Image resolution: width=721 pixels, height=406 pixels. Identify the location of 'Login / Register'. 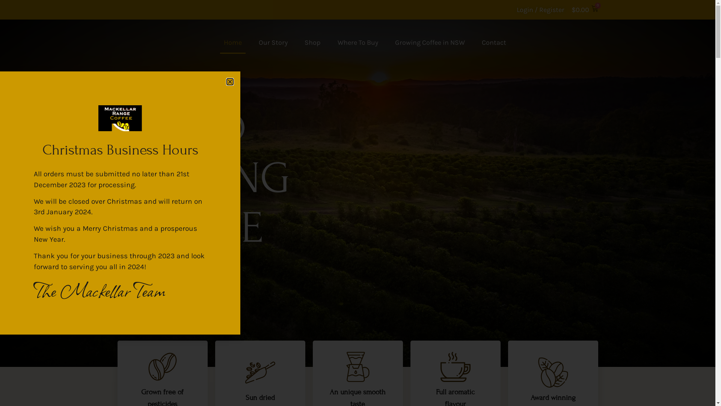
(540, 10).